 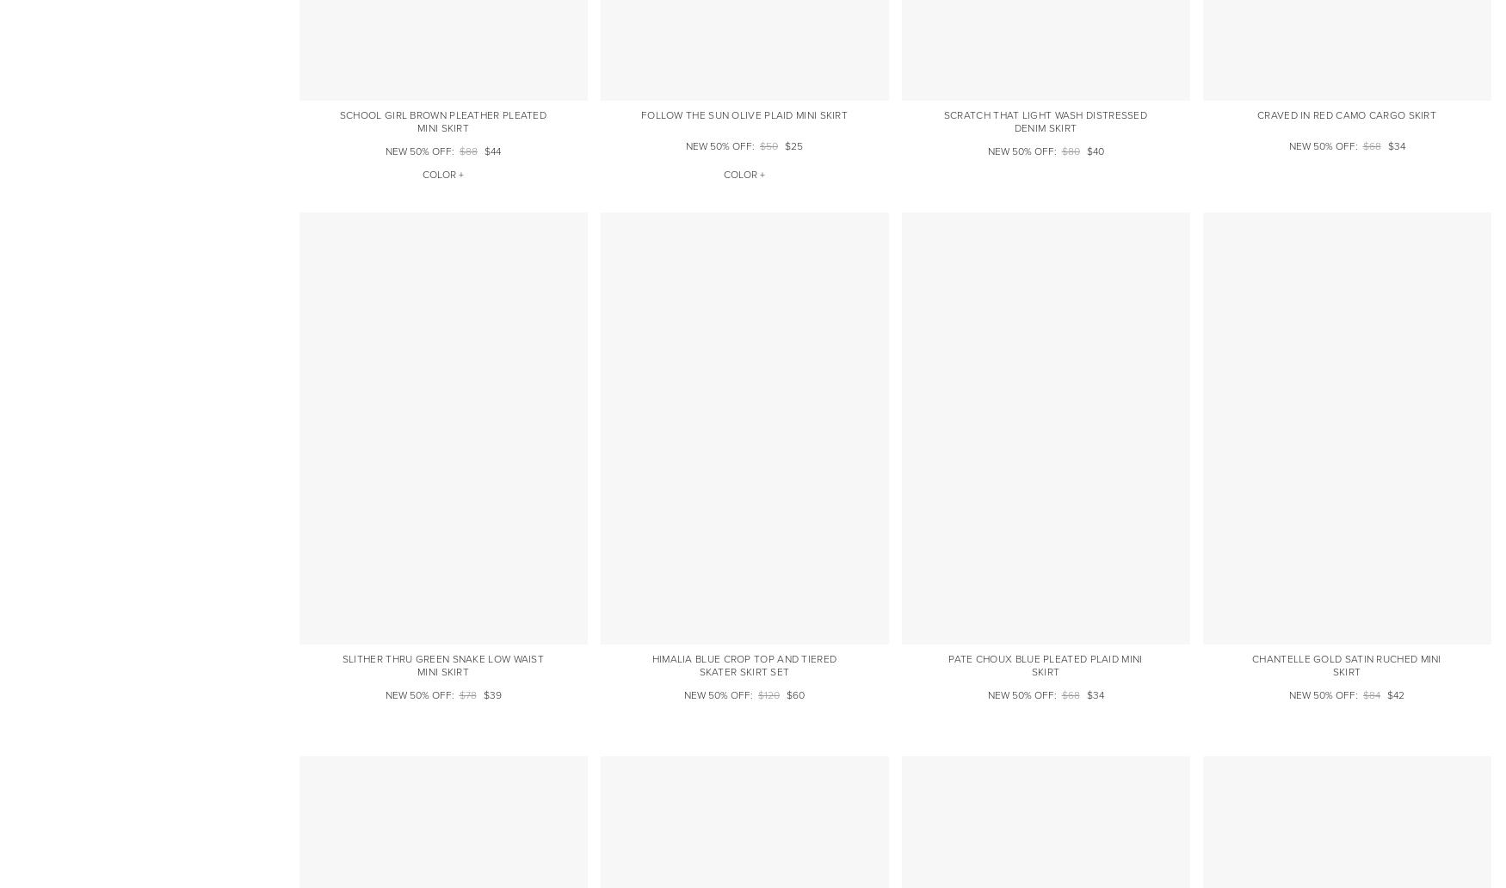 What do you see at coordinates (794, 695) in the screenshot?
I see `'$60'` at bounding box center [794, 695].